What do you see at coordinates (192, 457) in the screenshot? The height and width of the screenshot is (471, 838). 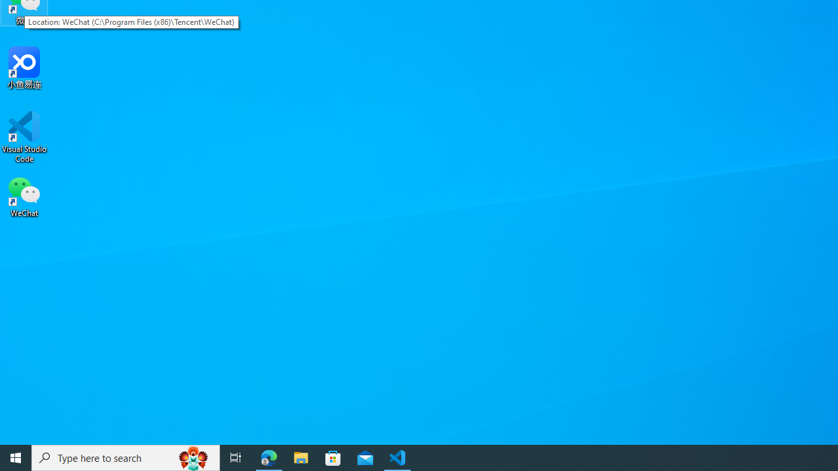 I see `'Search highlights icon opens search home window'` at bounding box center [192, 457].